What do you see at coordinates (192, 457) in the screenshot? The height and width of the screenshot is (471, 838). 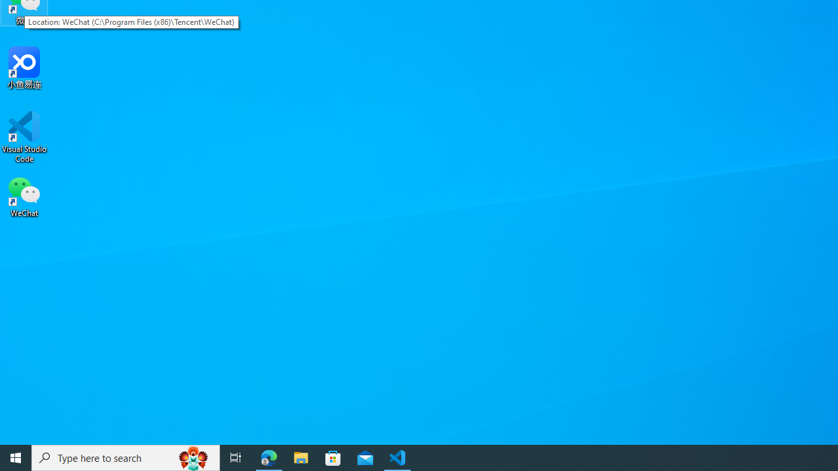 I see `'Search highlights icon opens search home window'` at bounding box center [192, 457].